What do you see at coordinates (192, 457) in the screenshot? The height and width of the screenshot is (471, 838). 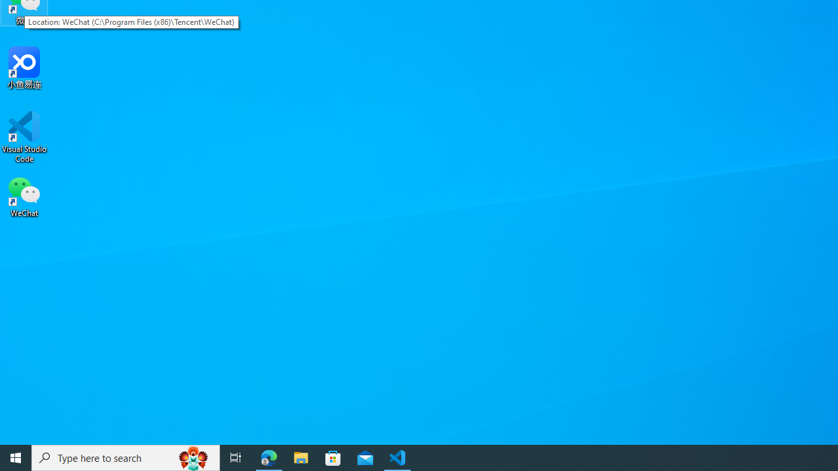 I see `'Search highlights icon opens search home window'` at bounding box center [192, 457].